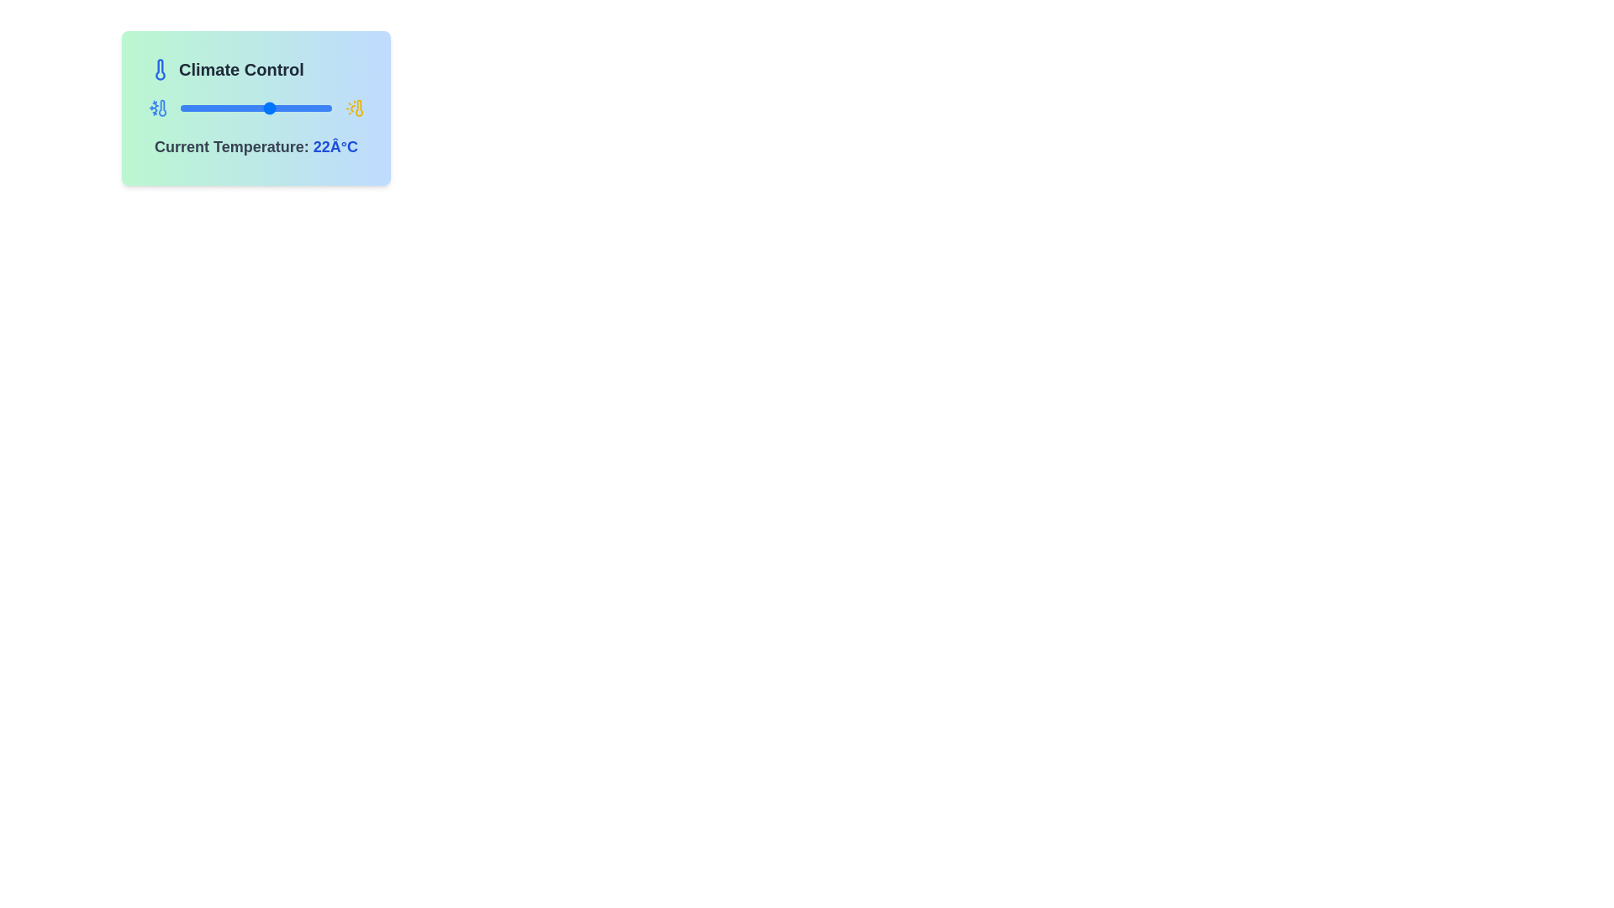 The height and width of the screenshot is (908, 1614). I want to click on the slider to set the temperature to 0°C, so click(223, 108).